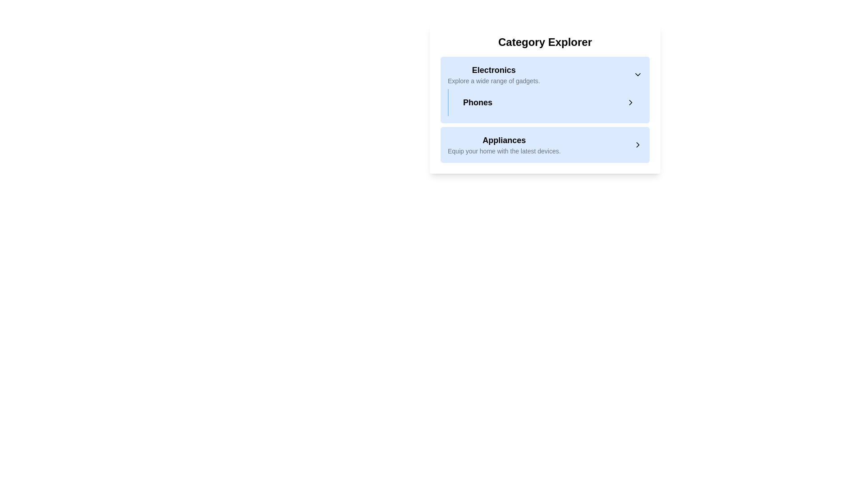 The image size is (865, 486). I want to click on the label indicating the 'Phones' category, located in the light blue box under the 'Electronics' section, so click(477, 102).